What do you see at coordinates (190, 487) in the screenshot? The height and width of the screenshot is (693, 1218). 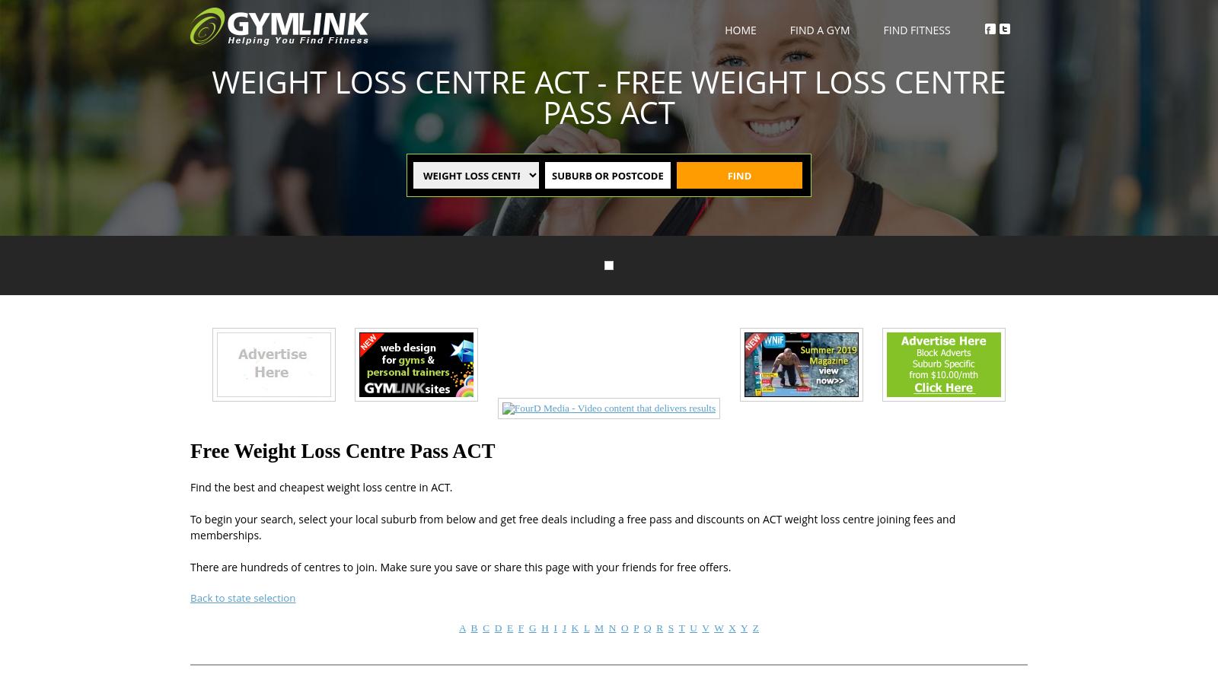 I see `'Find the best and cheapest weight loss centre in ACT.'` at bounding box center [190, 487].